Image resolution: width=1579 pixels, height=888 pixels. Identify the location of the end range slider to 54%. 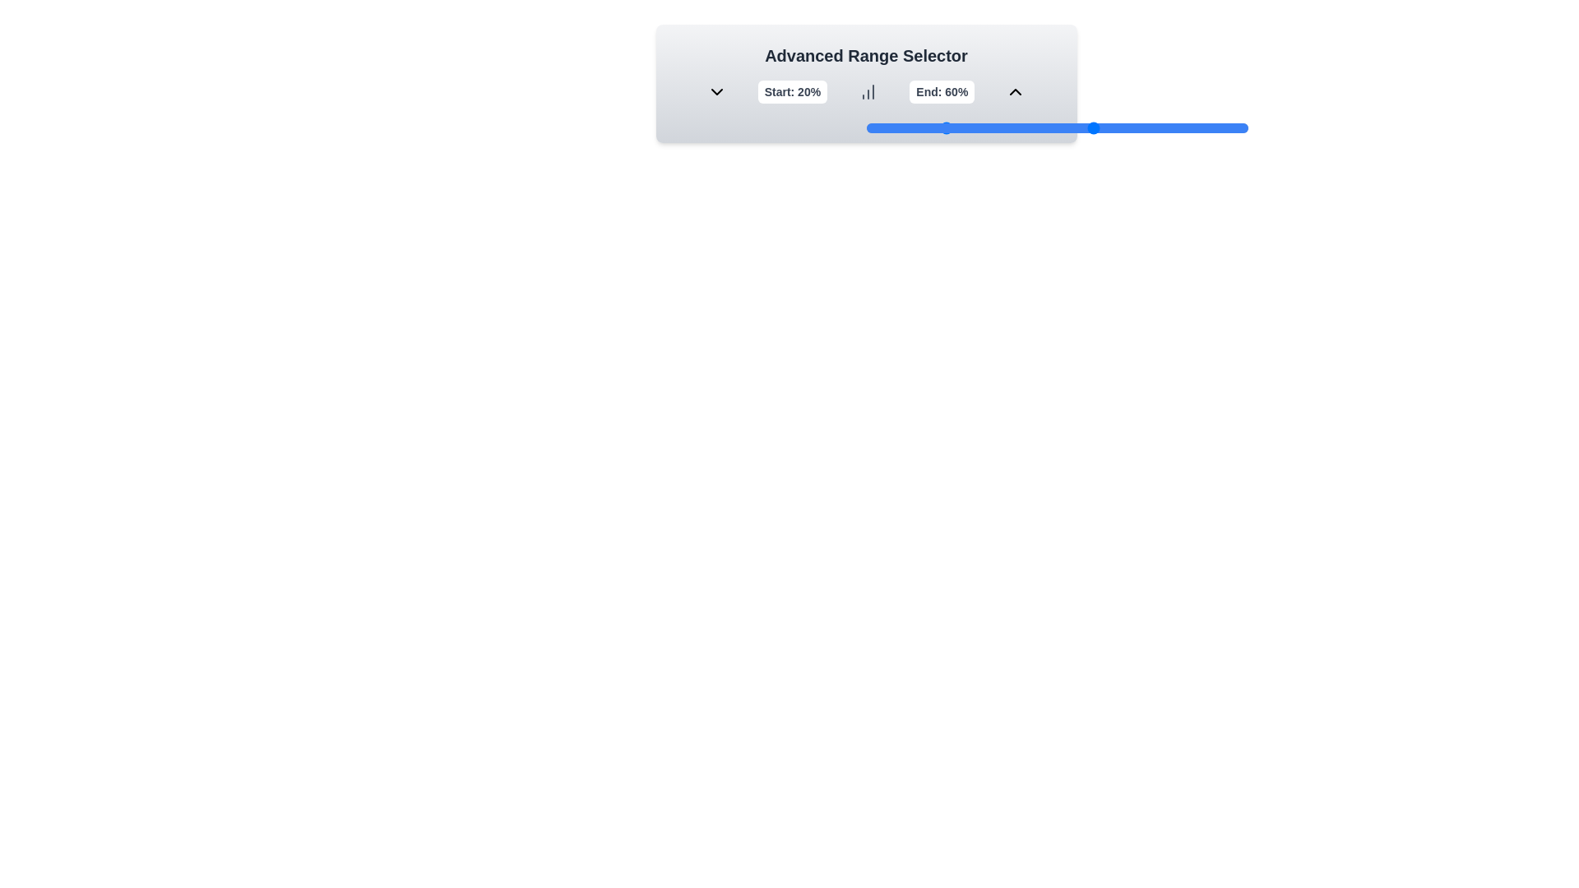
(1072, 127).